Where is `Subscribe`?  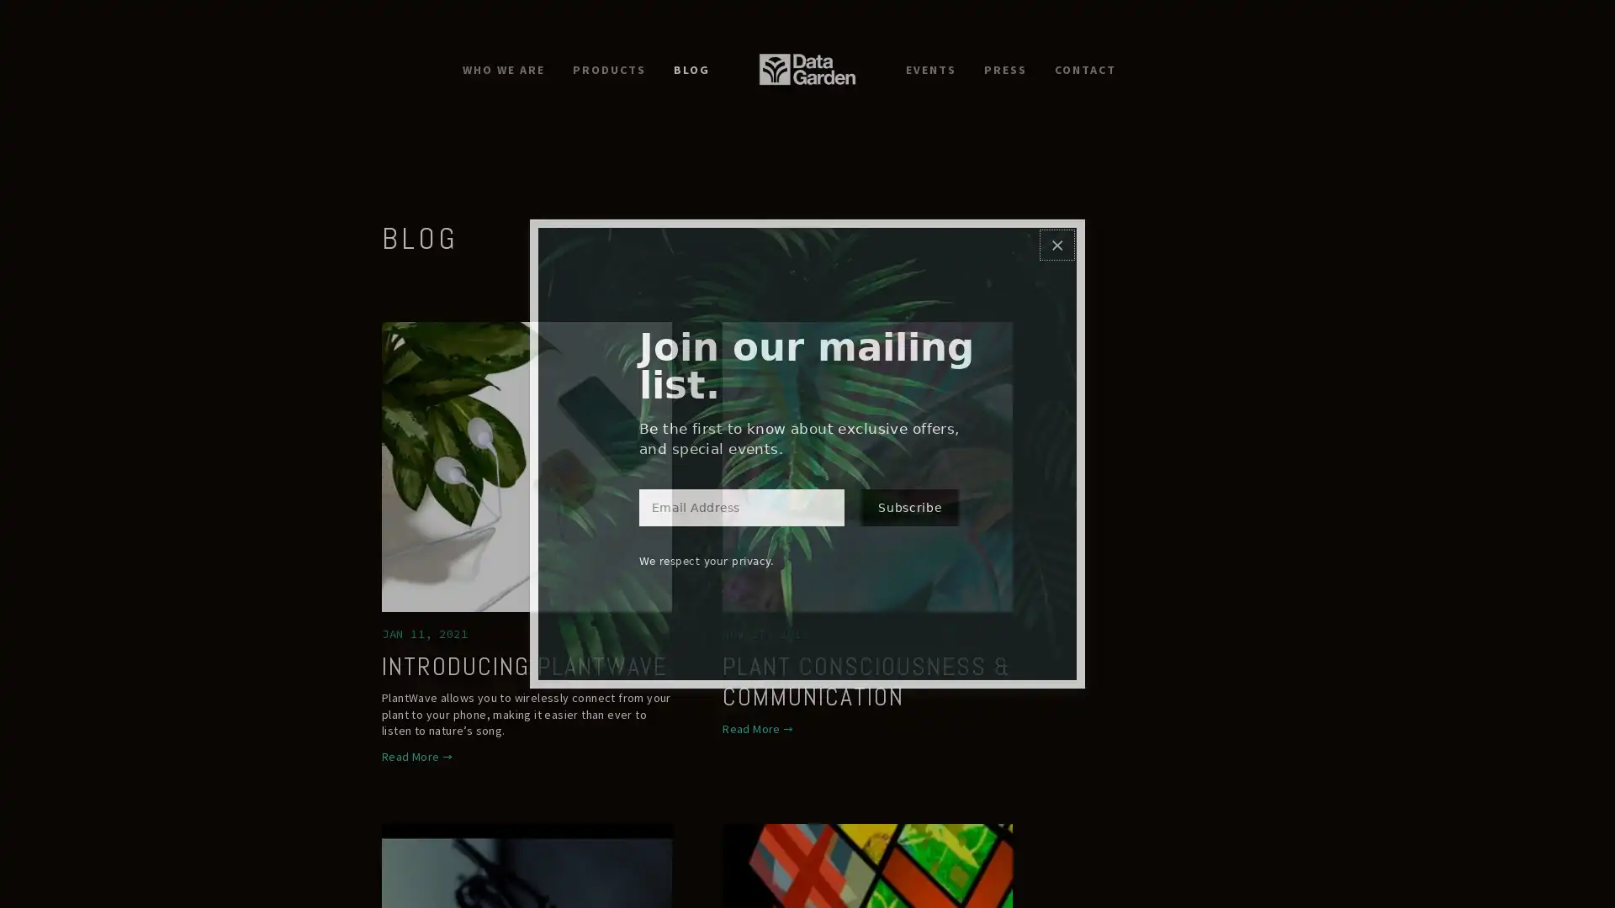
Subscribe is located at coordinates (908, 518).